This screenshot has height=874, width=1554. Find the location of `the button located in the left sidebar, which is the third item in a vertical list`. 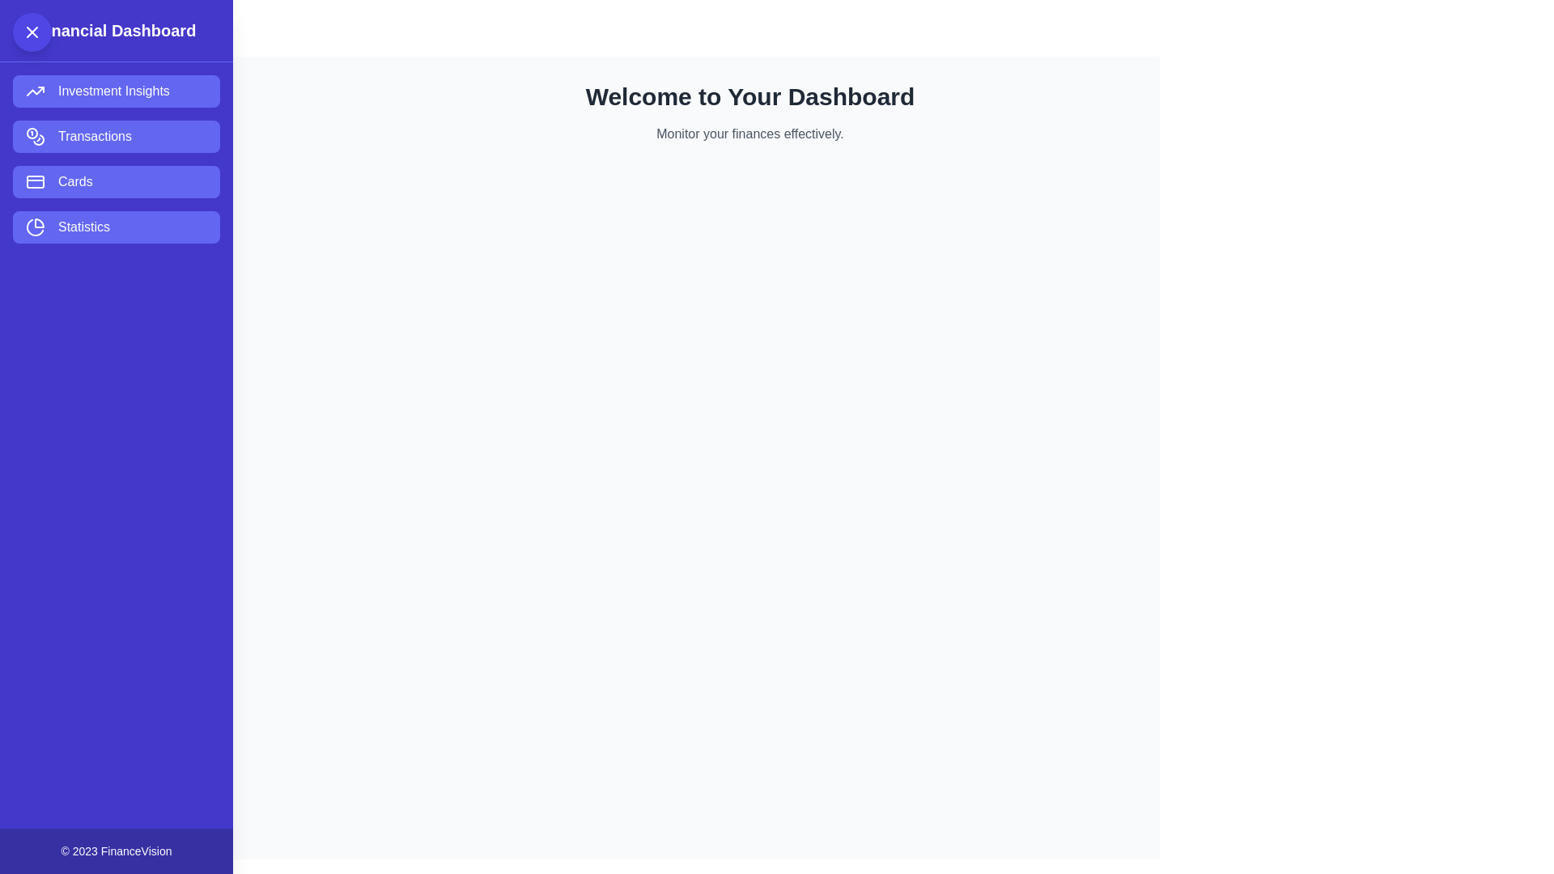

the button located in the left sidebar, which is the third item in a vertical list is located at coordinates (116, 181).